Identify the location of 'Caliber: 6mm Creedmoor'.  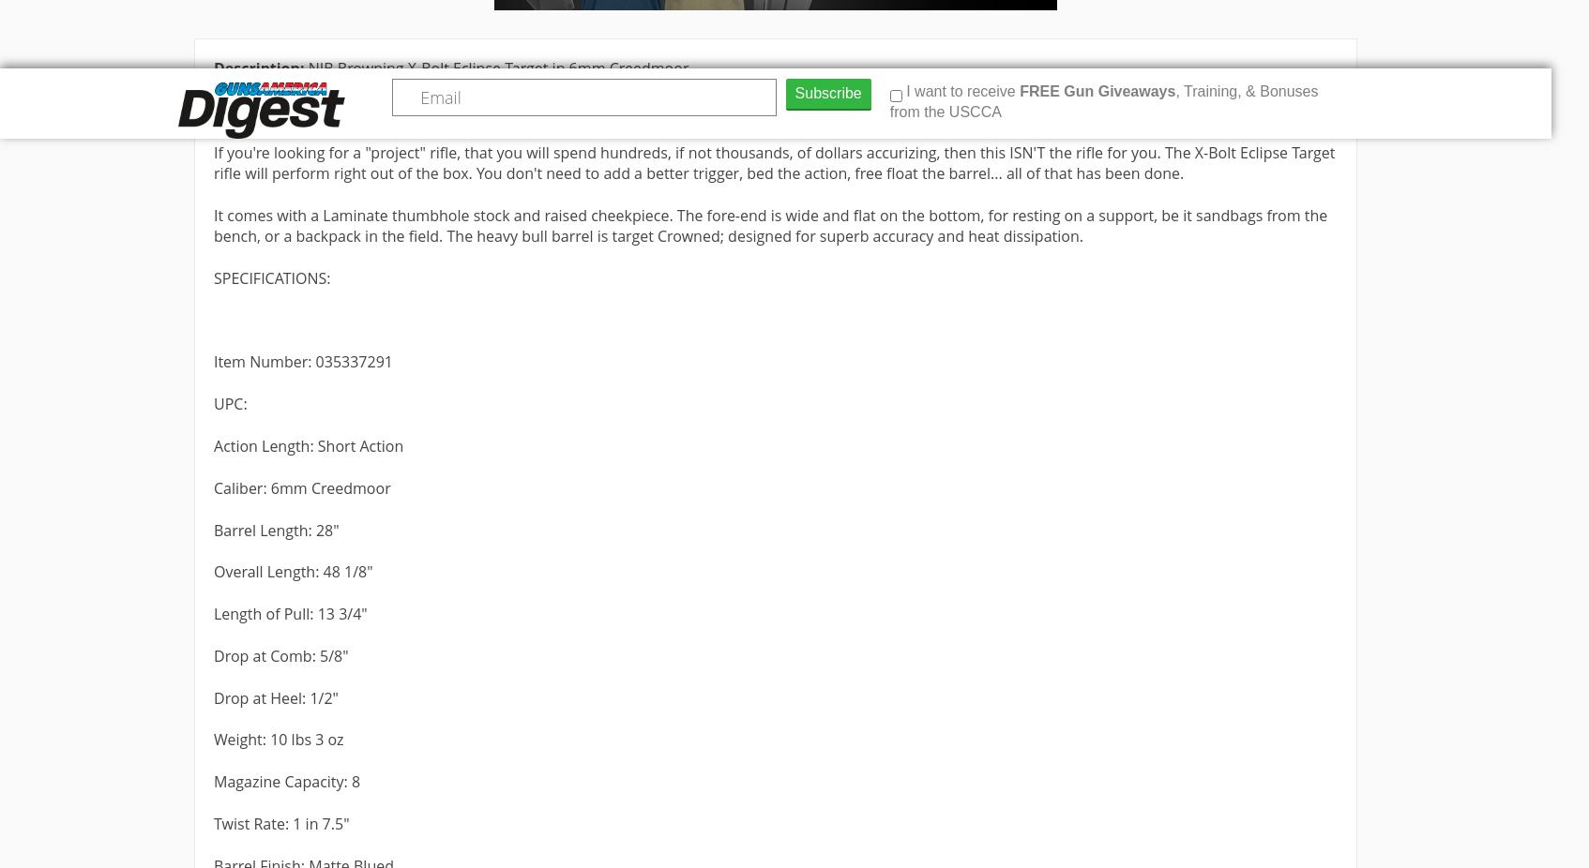
(302, 486).